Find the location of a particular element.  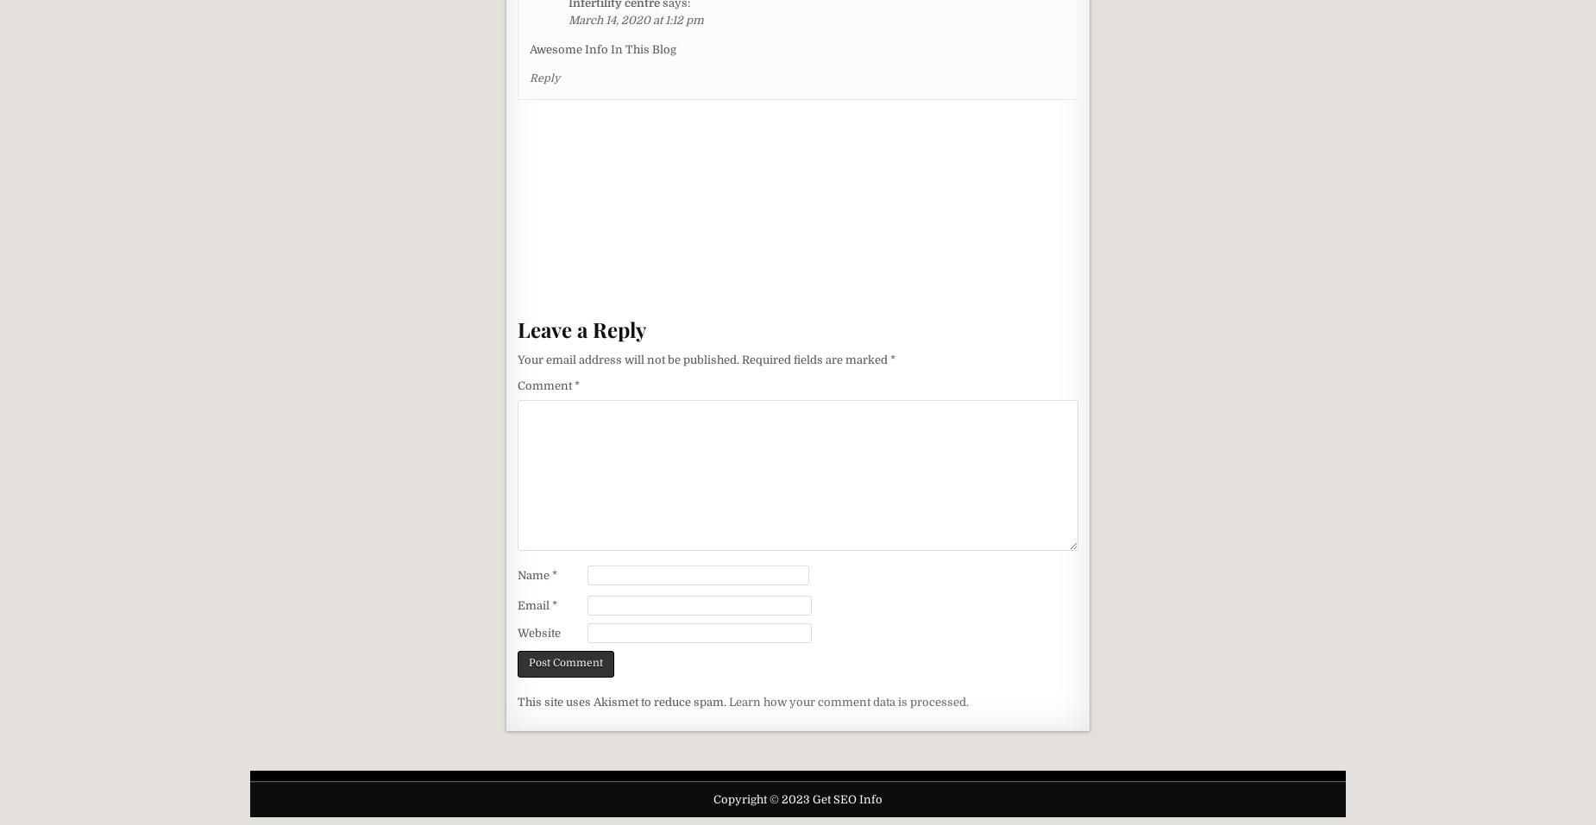

'Your email address will not be published.' is located at coordinates (628, 359).